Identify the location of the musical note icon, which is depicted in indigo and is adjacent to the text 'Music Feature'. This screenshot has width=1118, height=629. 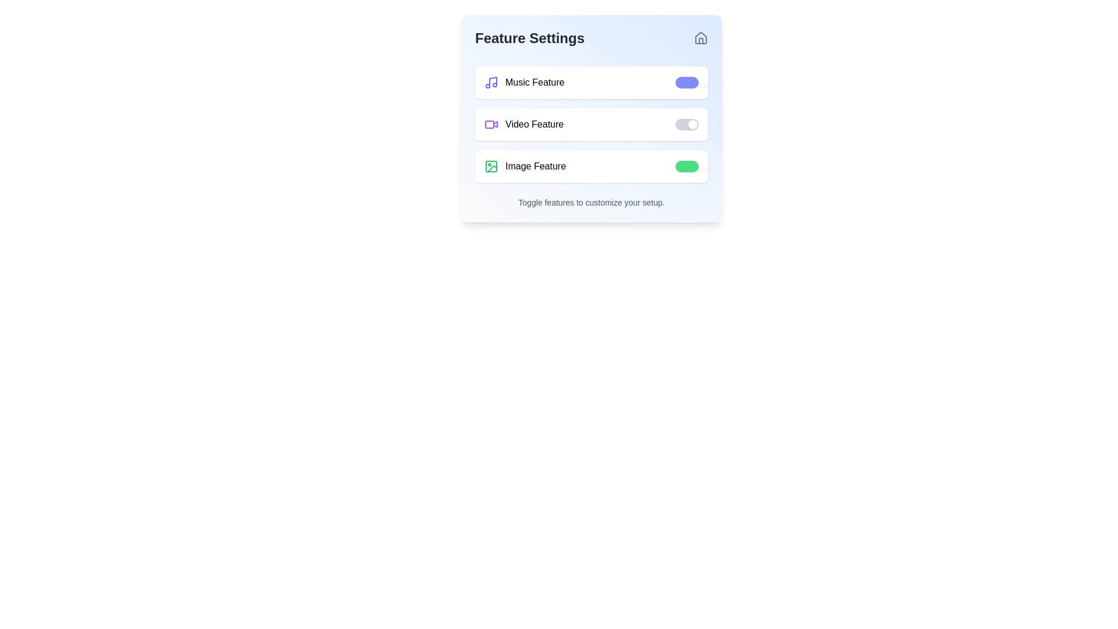
(491, 82).